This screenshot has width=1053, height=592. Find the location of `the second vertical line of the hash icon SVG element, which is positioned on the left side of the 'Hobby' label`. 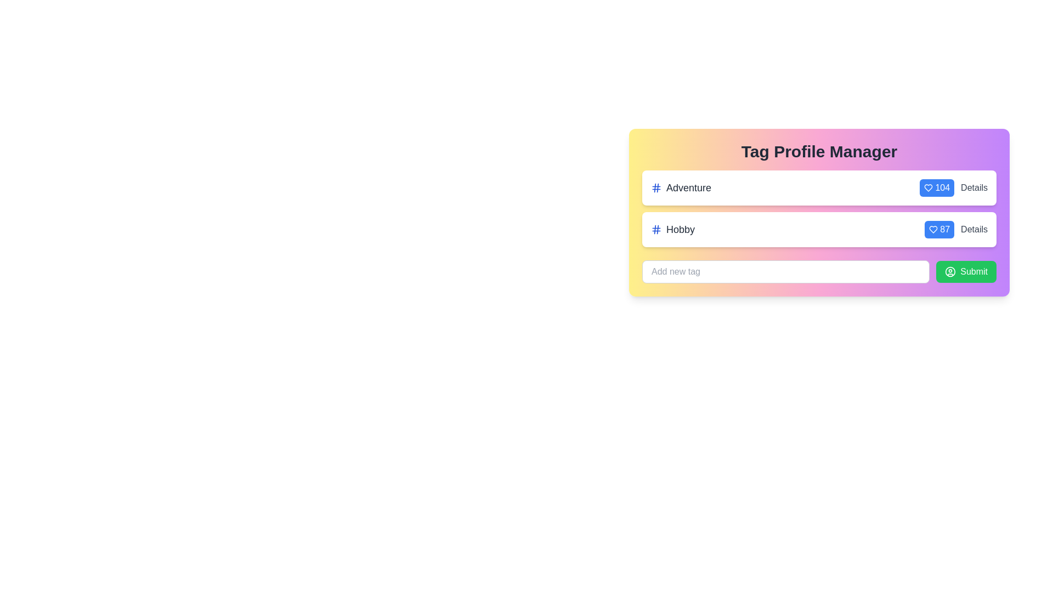

the second vertical line of the hash icon SVG element, which is positioned on the left side of the 'Hobby' label is located at coordinates (655, 229).